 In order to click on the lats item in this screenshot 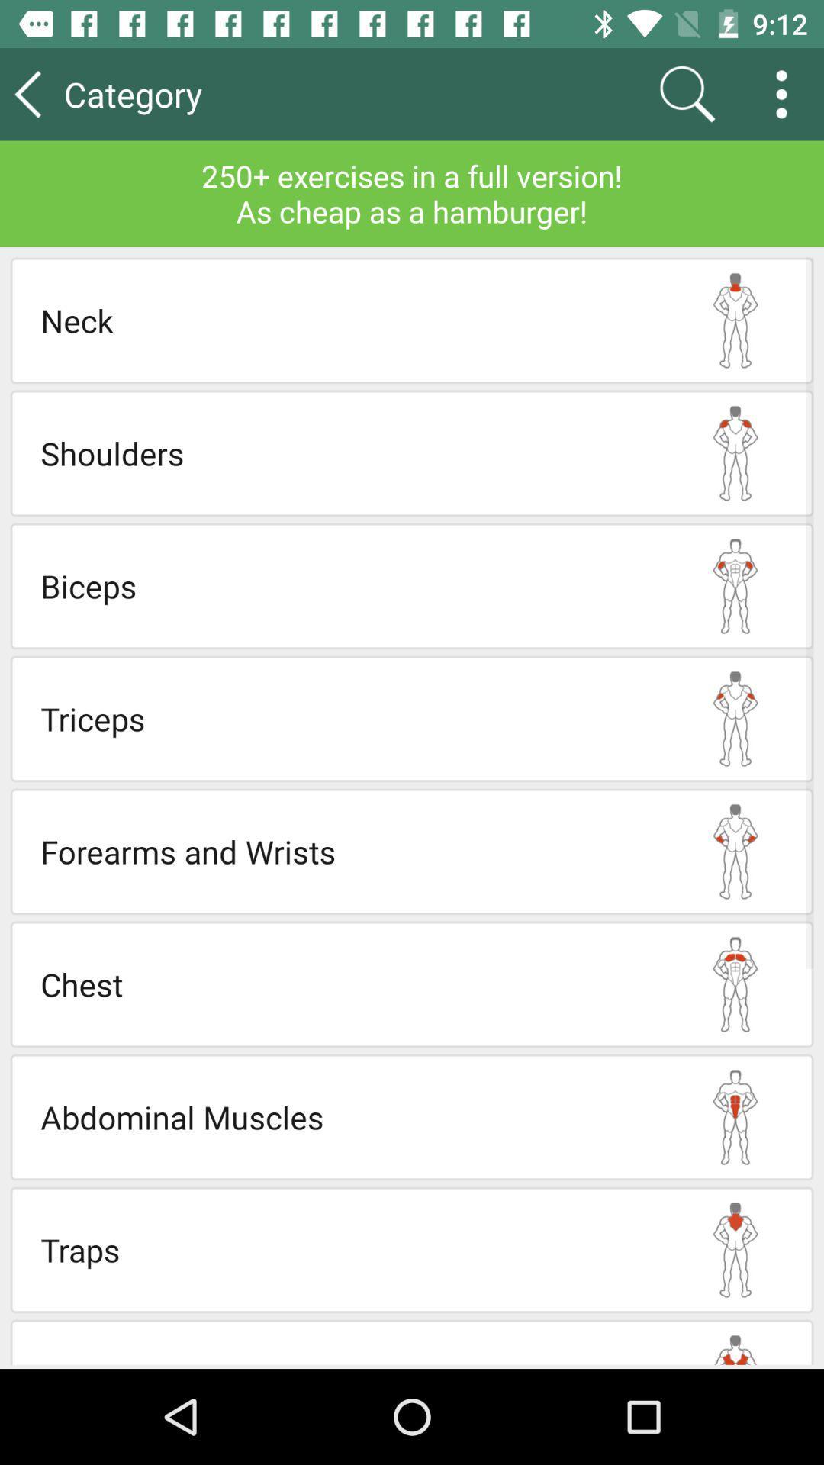, I will do `click(349, 1357)`.